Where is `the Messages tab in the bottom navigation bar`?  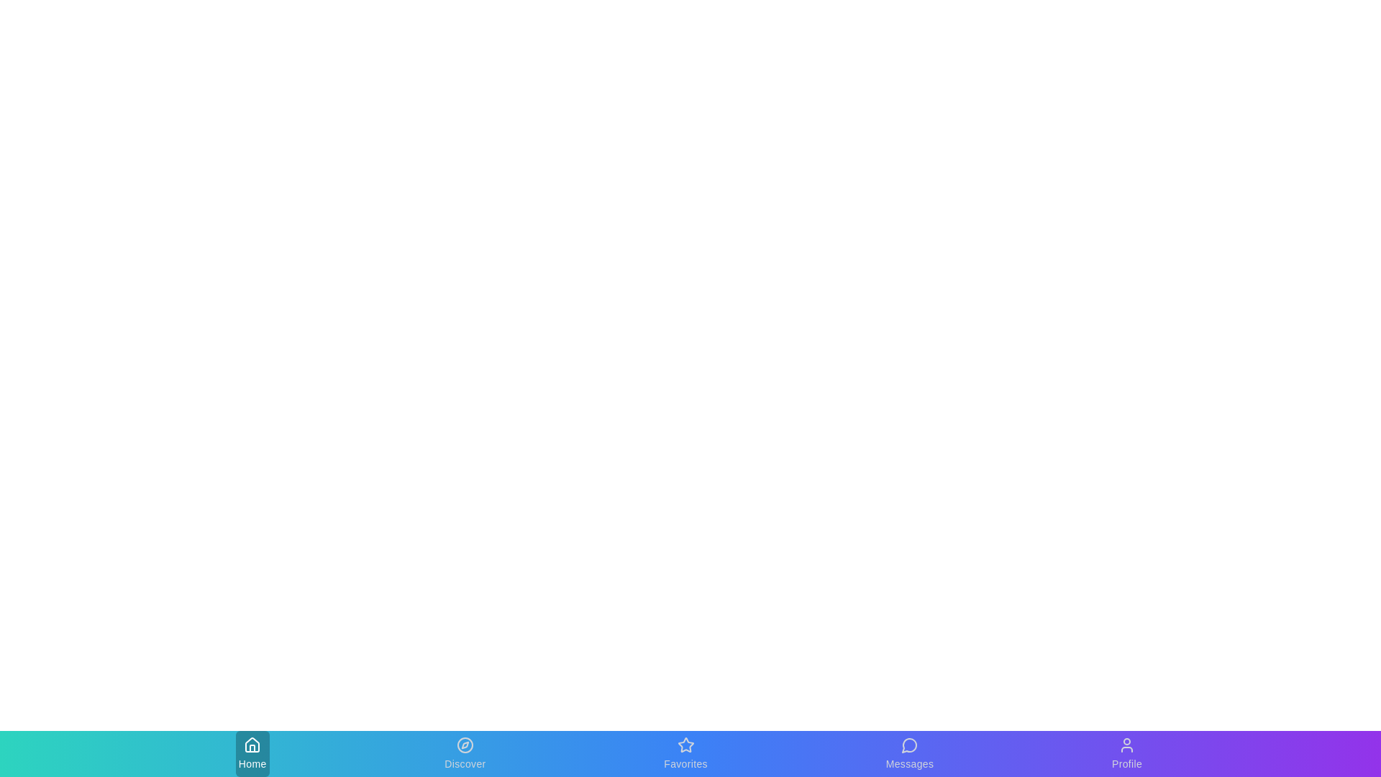
the Messages tab in the bottom navigation bar is located at coordinates (909, 753).